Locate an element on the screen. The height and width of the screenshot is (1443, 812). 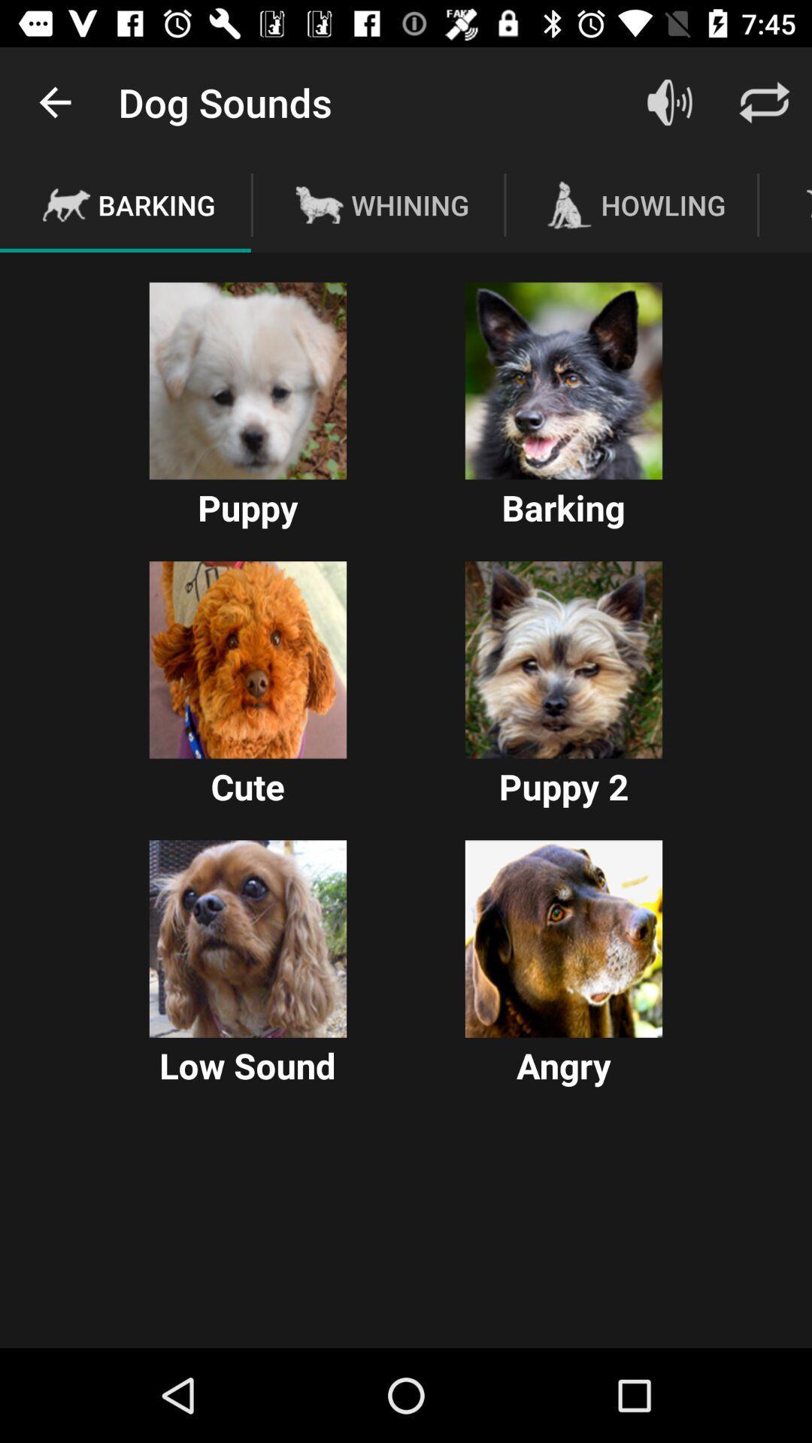
tells user the sound it will make is located at coordinates (563, 381).